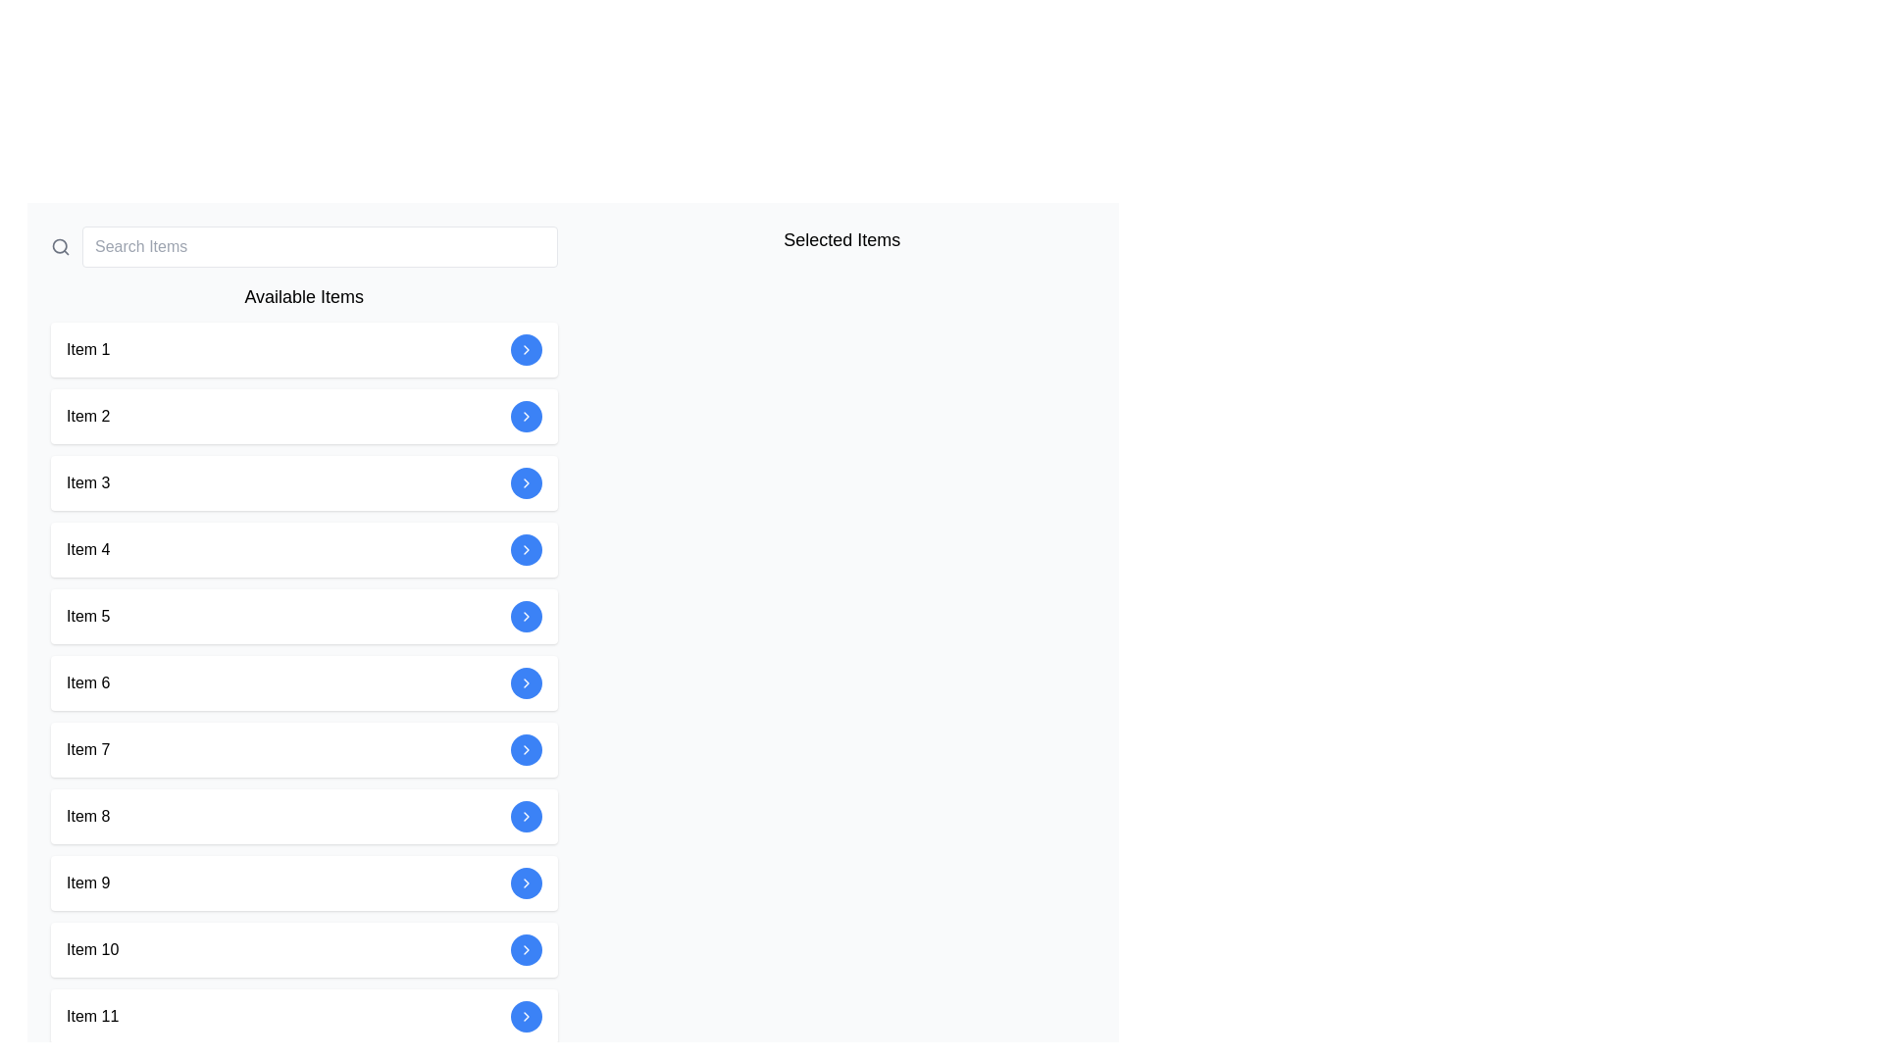  What do you see at coordinates (526, 483) in the screenshot?
I see `the chevron icon within the blue circular button for 'Item 3' in the 'Available Items' section` at bounding box center [526, 483].